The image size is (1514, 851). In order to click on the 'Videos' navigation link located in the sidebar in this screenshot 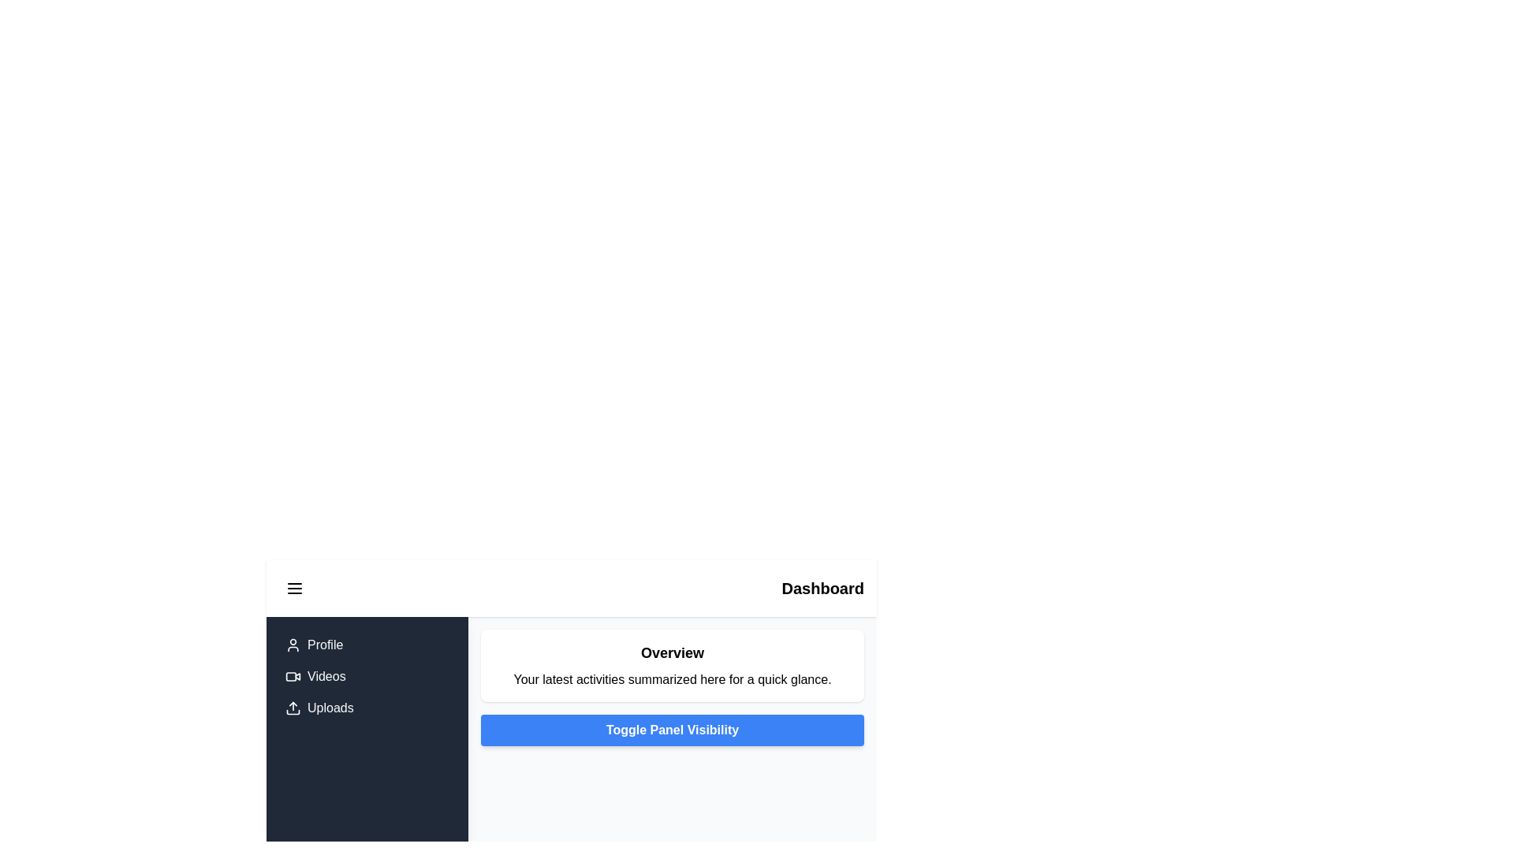, I will do `click(366, 676)`.